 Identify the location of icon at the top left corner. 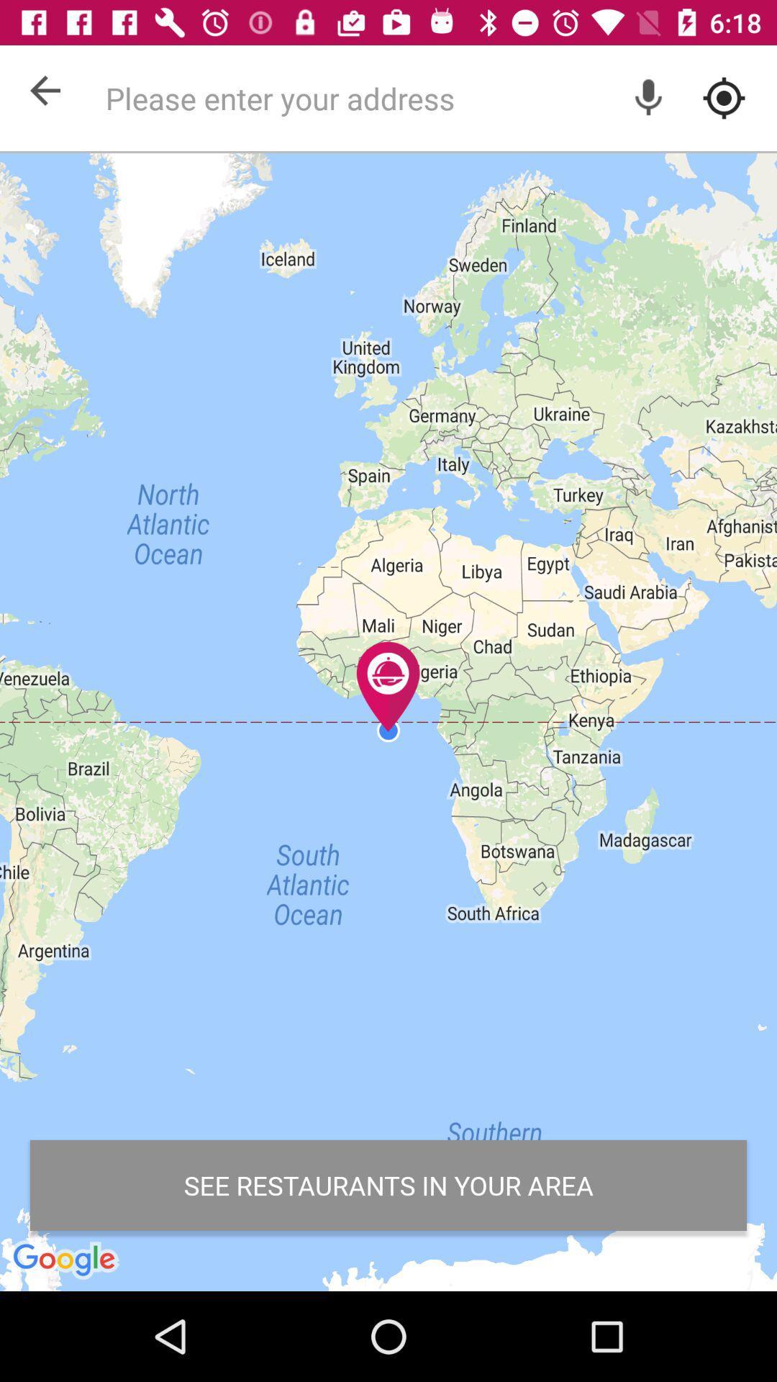
(44, 89).